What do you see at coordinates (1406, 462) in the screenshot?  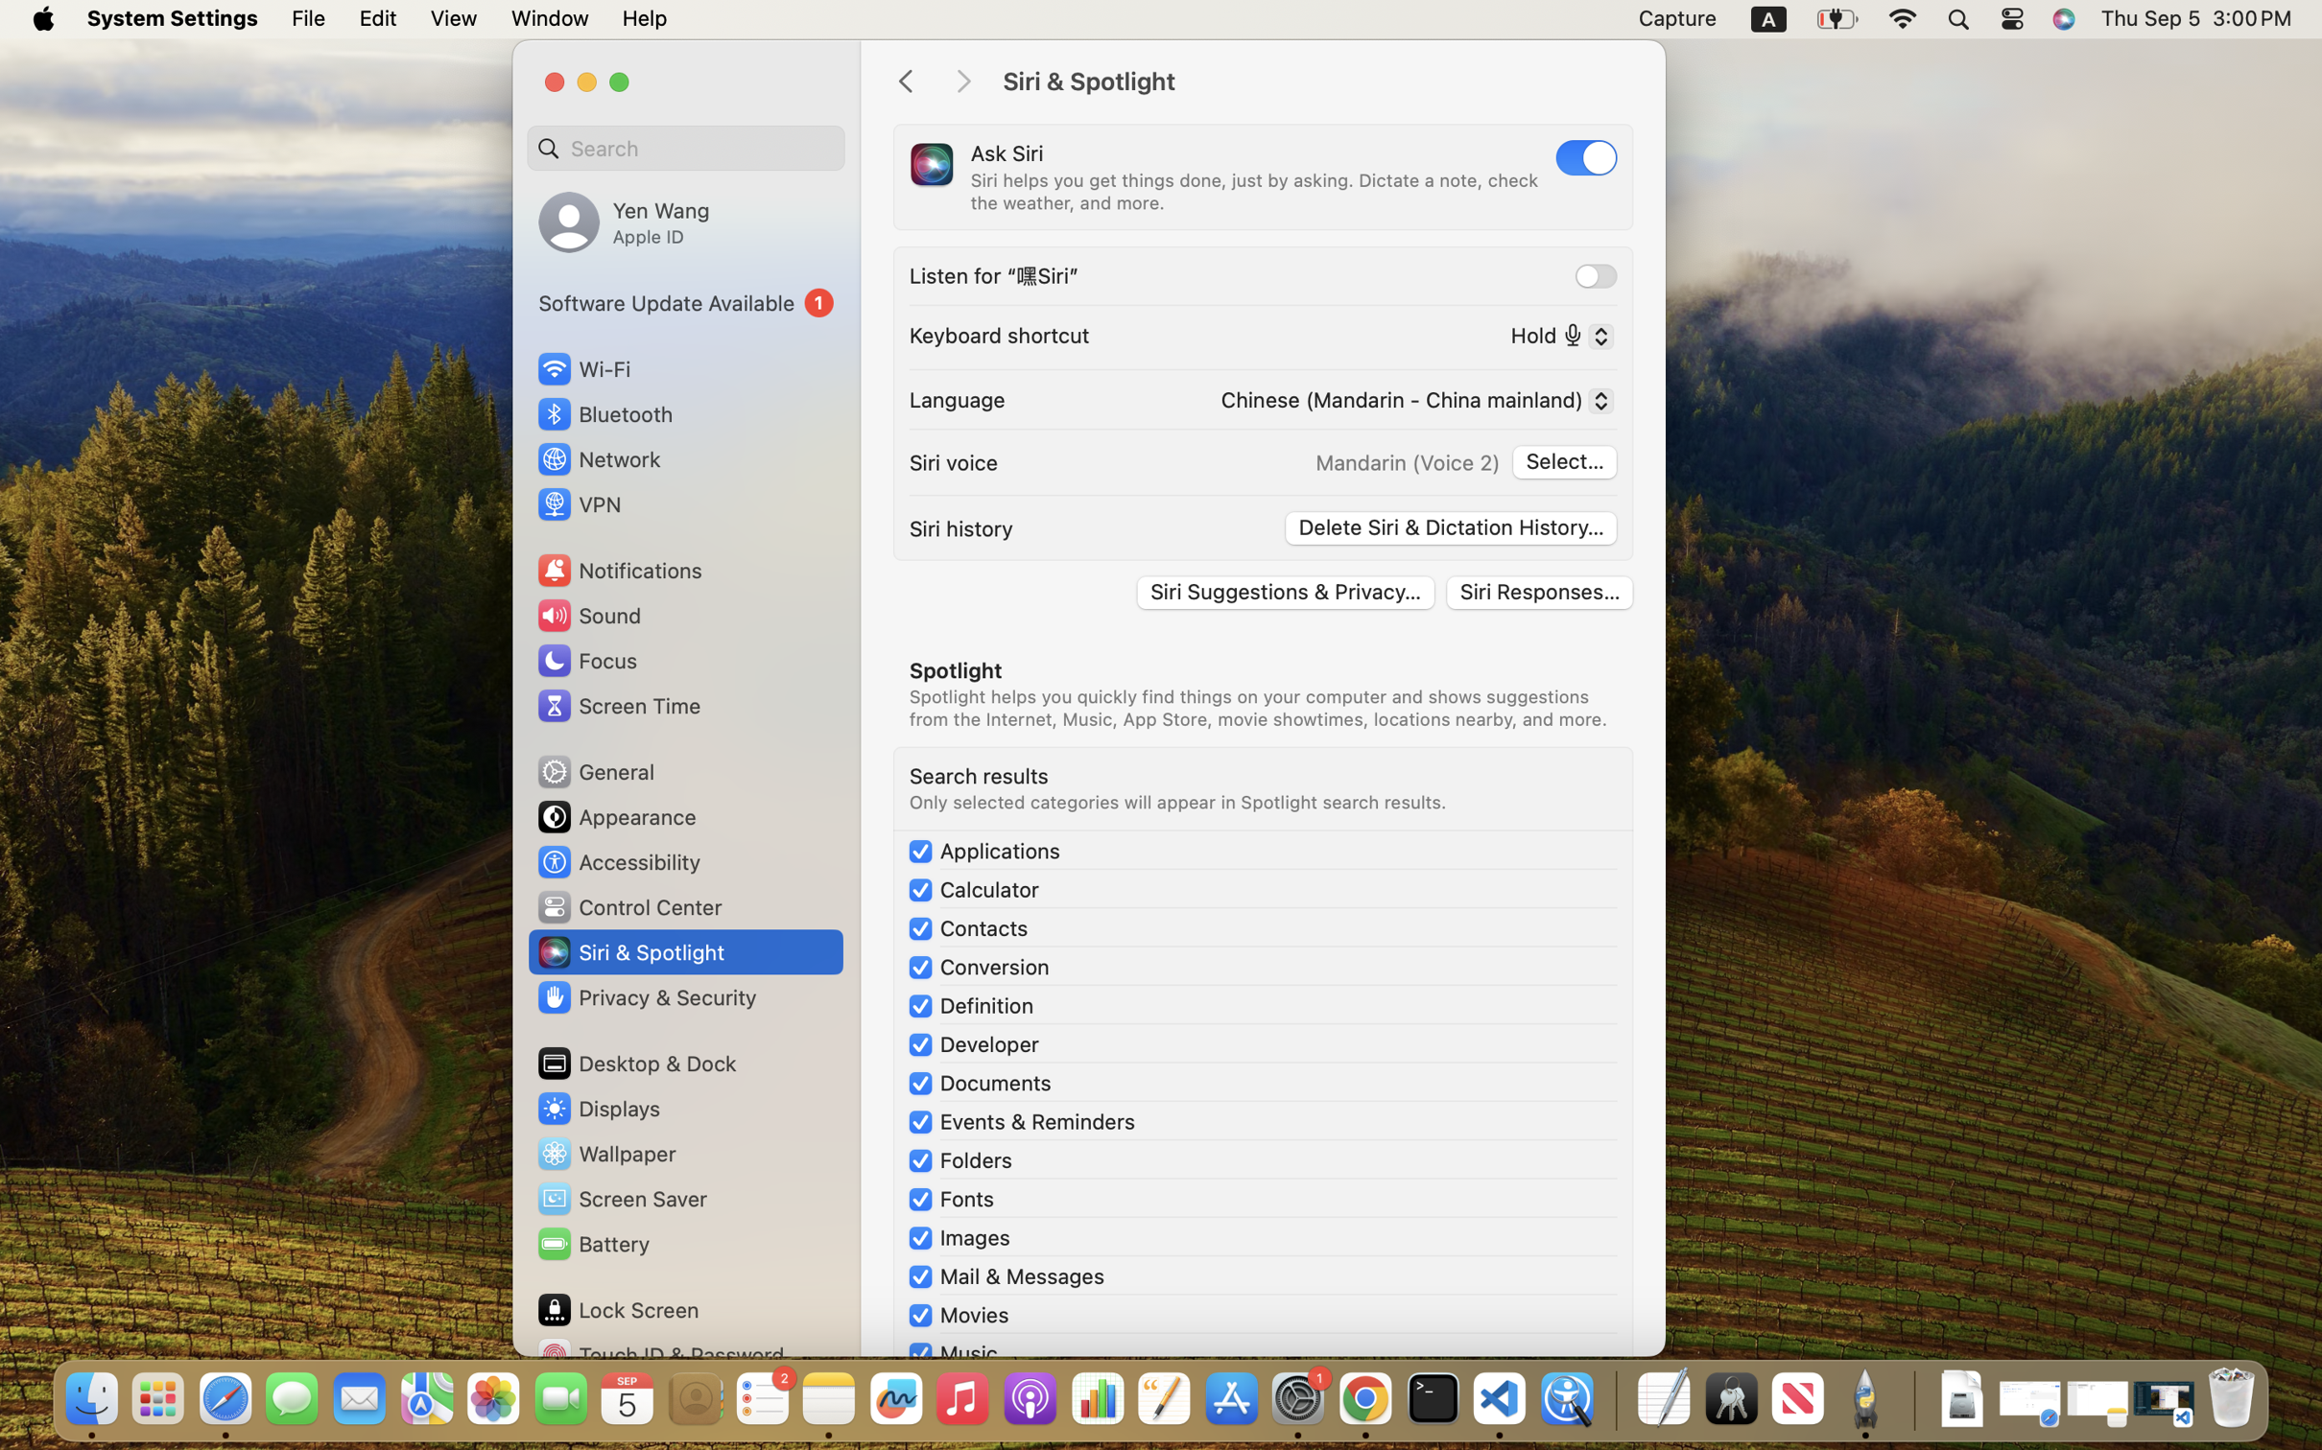 I see `'Mandarin (Voice 2)'` at bounding box center [1406, 462].